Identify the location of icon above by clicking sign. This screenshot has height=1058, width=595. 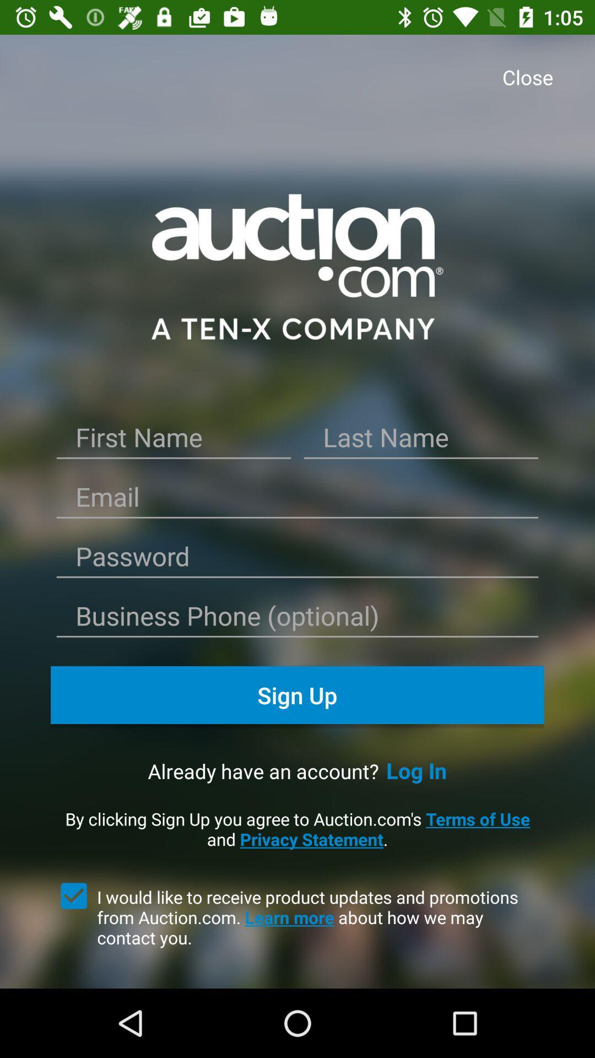
(416, 770).